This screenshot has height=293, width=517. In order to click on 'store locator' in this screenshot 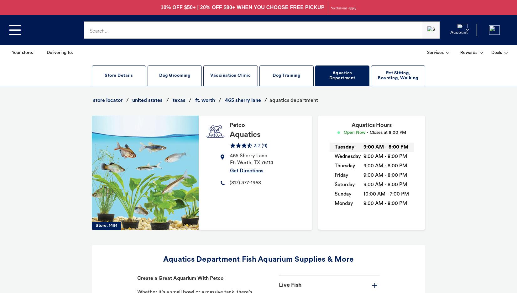, I will do `click(93, 100)`.